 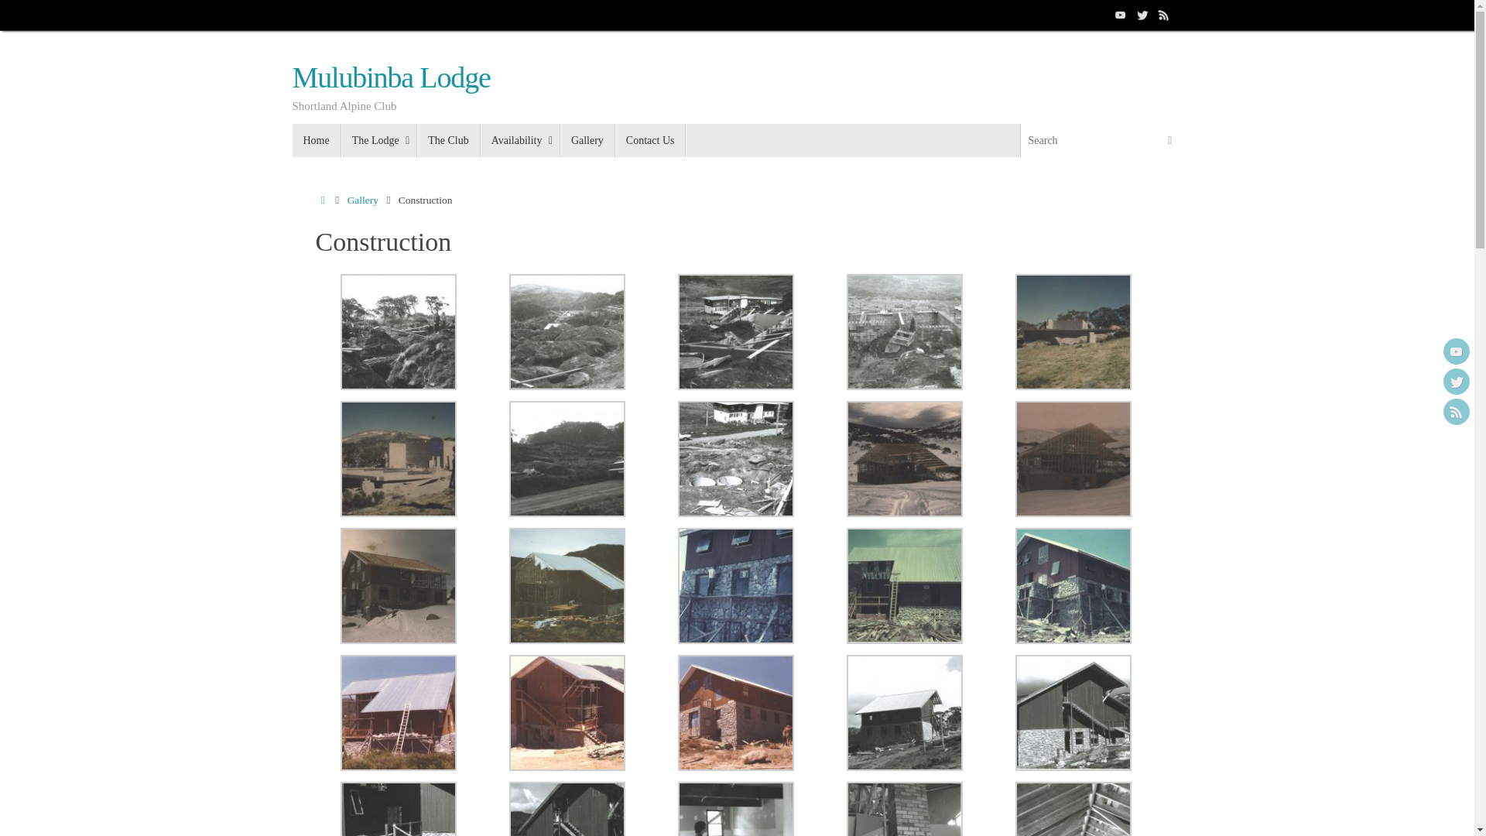 I want to click on 'Home', so click(x=322, y=199).